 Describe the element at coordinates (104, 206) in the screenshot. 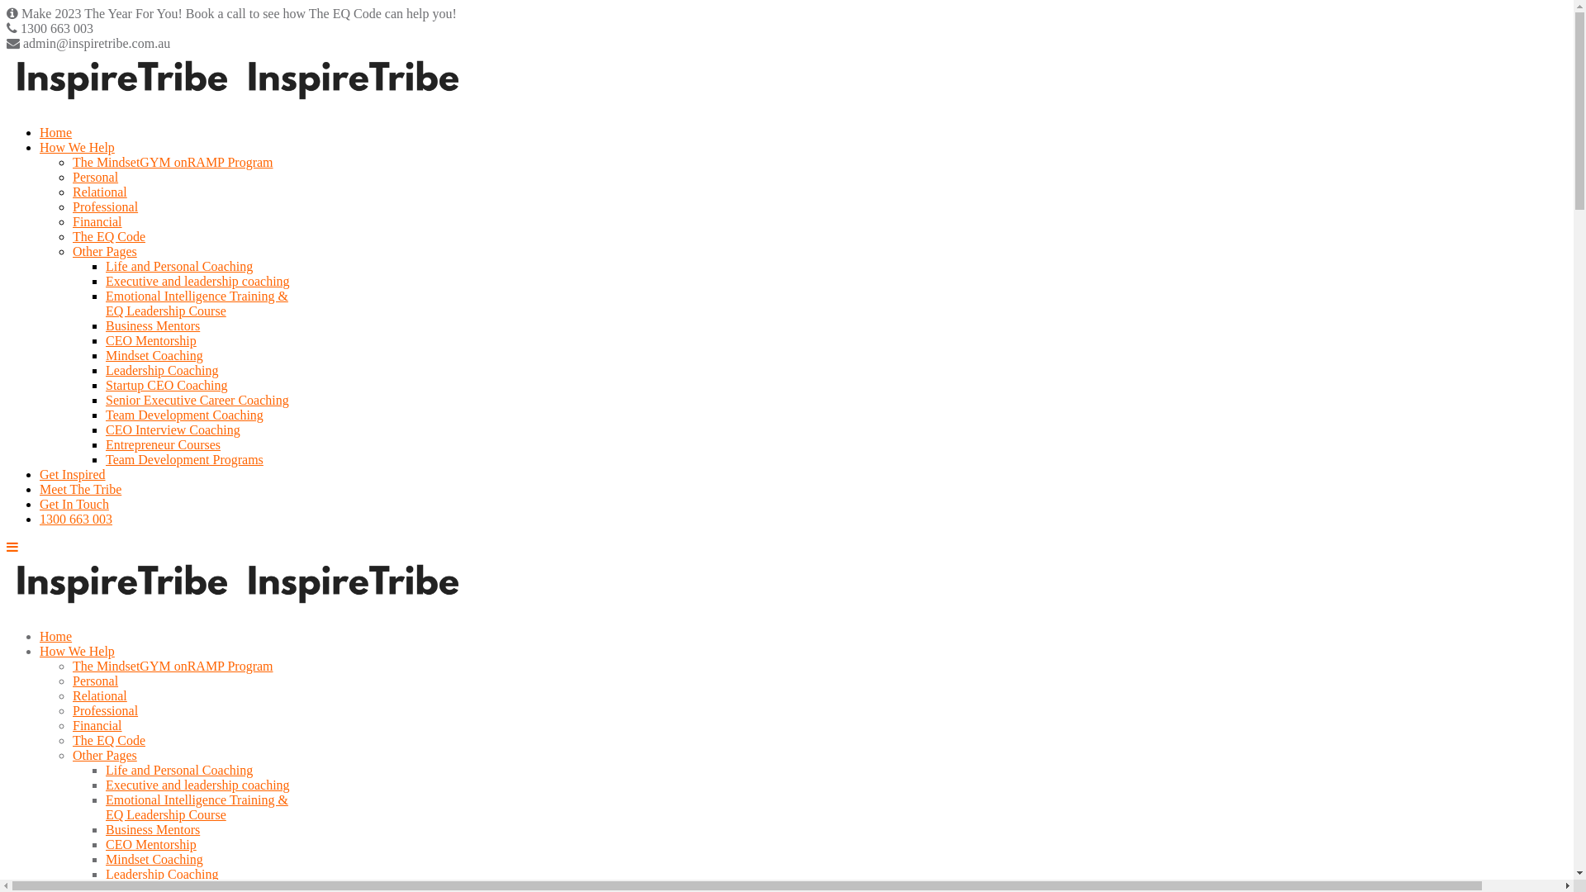

I see `'Professional'` at that location.